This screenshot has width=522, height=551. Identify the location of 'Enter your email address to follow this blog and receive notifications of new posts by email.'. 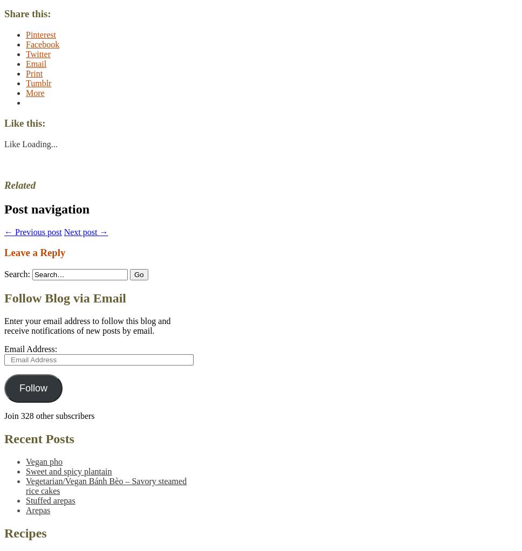
(87, 325).